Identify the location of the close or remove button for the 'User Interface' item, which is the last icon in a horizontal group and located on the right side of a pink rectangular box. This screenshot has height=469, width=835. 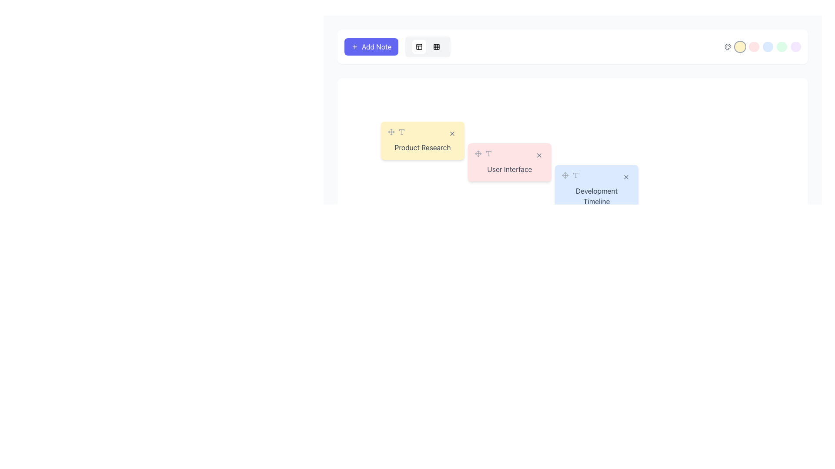
(538, 155).